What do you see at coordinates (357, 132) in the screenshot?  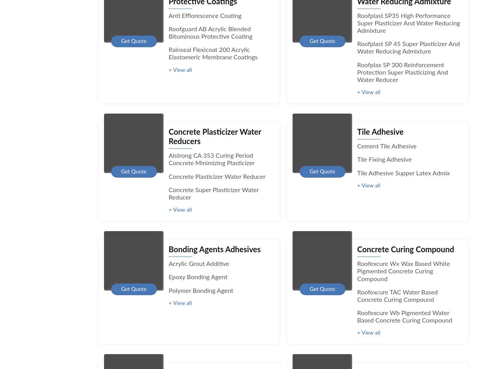 I see `'Tile Adhesive'` at bounding box center [357, 132].